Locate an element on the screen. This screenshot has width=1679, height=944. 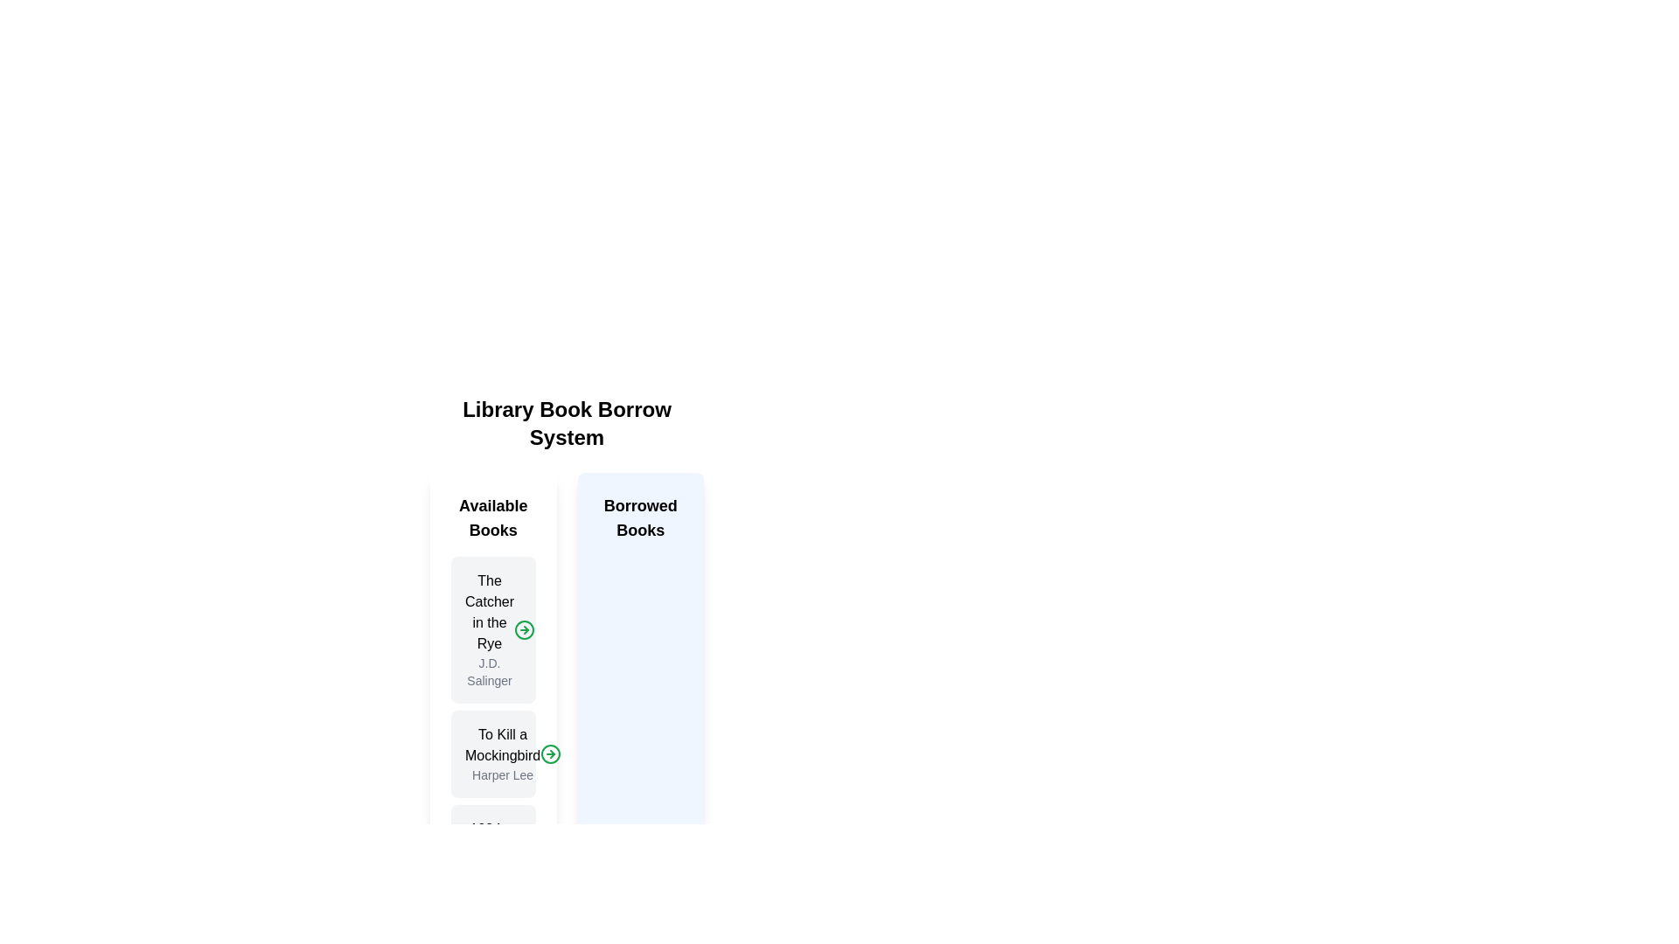
title 'The Catcher in the Rye' and author 'J.D. Salinger' displayed in the text display within the 'Available Books' section is located at coordinates (490, 630).